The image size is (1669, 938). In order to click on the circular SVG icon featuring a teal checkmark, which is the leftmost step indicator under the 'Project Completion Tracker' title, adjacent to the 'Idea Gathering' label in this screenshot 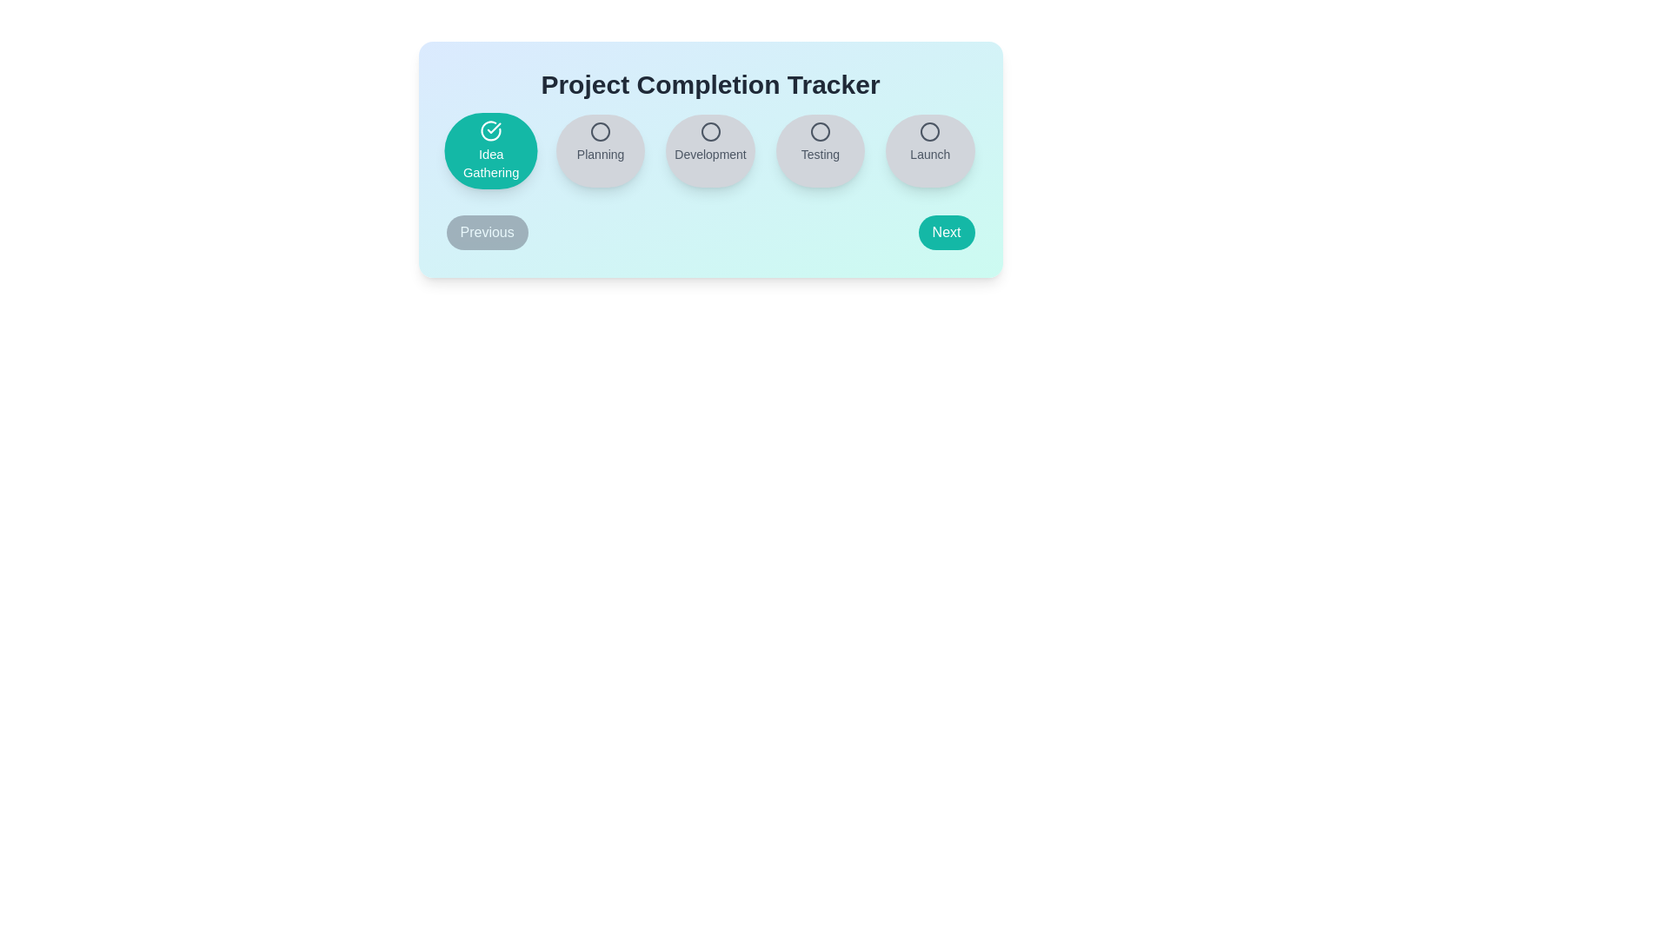, I will do `click(489, 129)`.